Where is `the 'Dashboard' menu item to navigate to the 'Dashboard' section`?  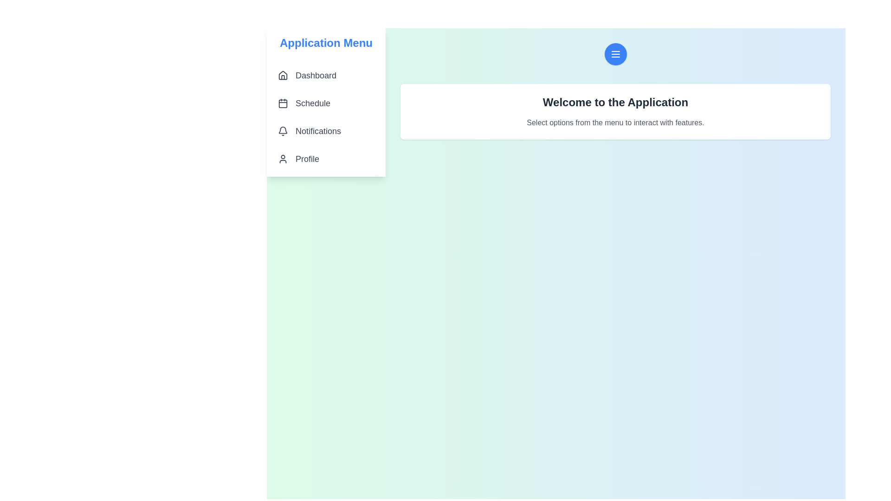 the 'Dashboard' menu item to navigate to the 'Dashboard' section is located at coordinates (326, 75).